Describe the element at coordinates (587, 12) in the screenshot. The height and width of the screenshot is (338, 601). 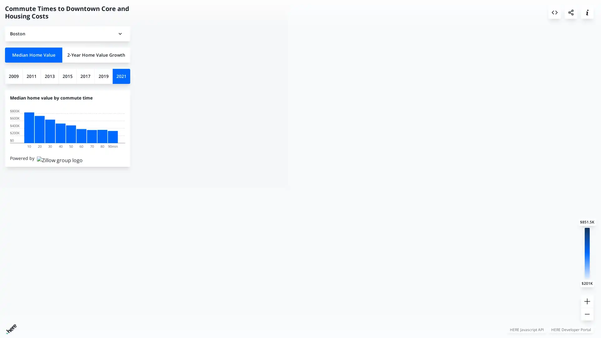
I see `About` at that location.